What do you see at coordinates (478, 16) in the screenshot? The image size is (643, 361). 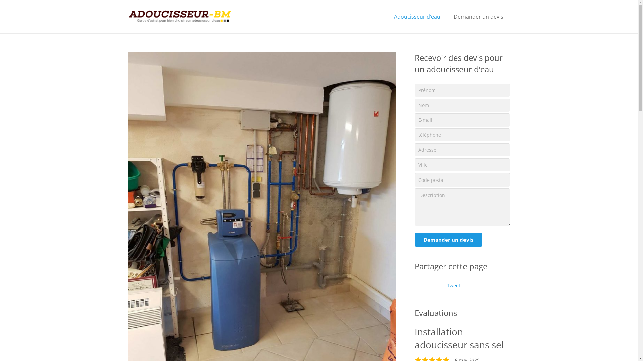 I see `'Demander un devis'` at bounding box center [478, 16].